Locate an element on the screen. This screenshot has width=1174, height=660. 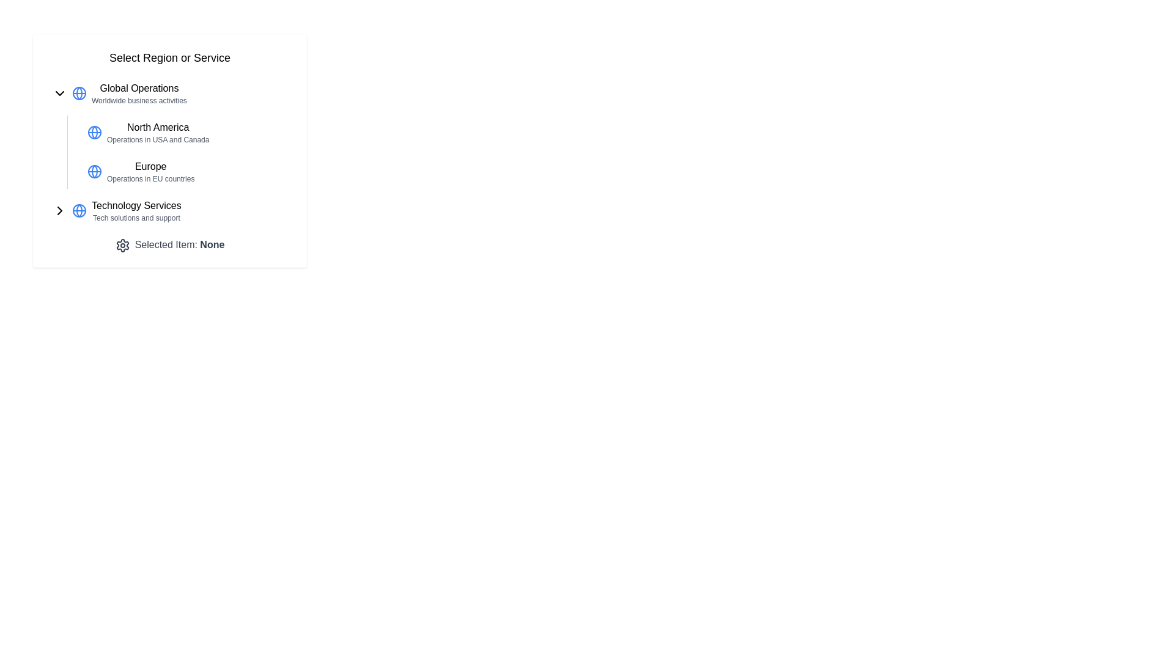
the 'Technology Services' text label, which features 'Technology Services' in a larger, bold font and 'Tech solutions and support' in a smaller, gray font, located below 'Global Operations', 'North America', and 'Europe' is located at coordinates (136, 210).